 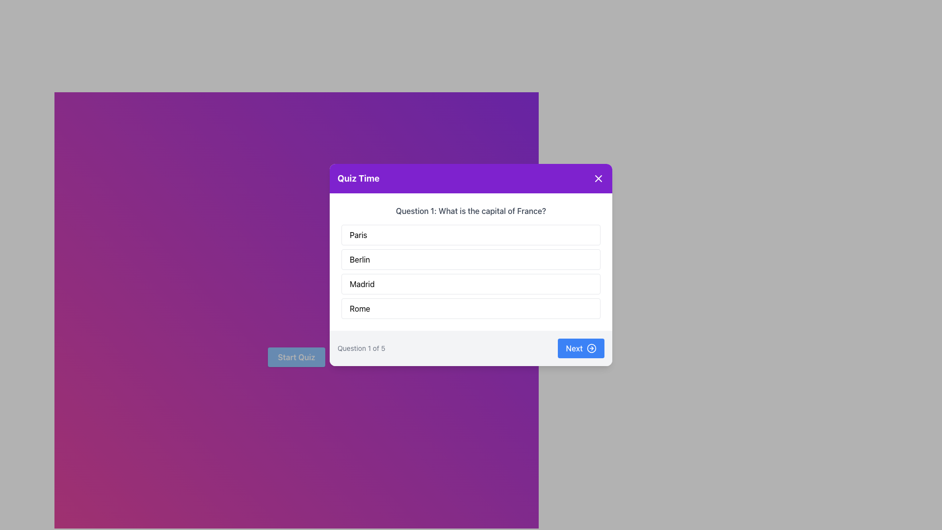 What do you see at coordinates (591, 347) in the screenshot?
I see `the icon within the 'Next' button, located immediately after the text 'Next', to proceed to the next question` at bounding box center [591, 347].